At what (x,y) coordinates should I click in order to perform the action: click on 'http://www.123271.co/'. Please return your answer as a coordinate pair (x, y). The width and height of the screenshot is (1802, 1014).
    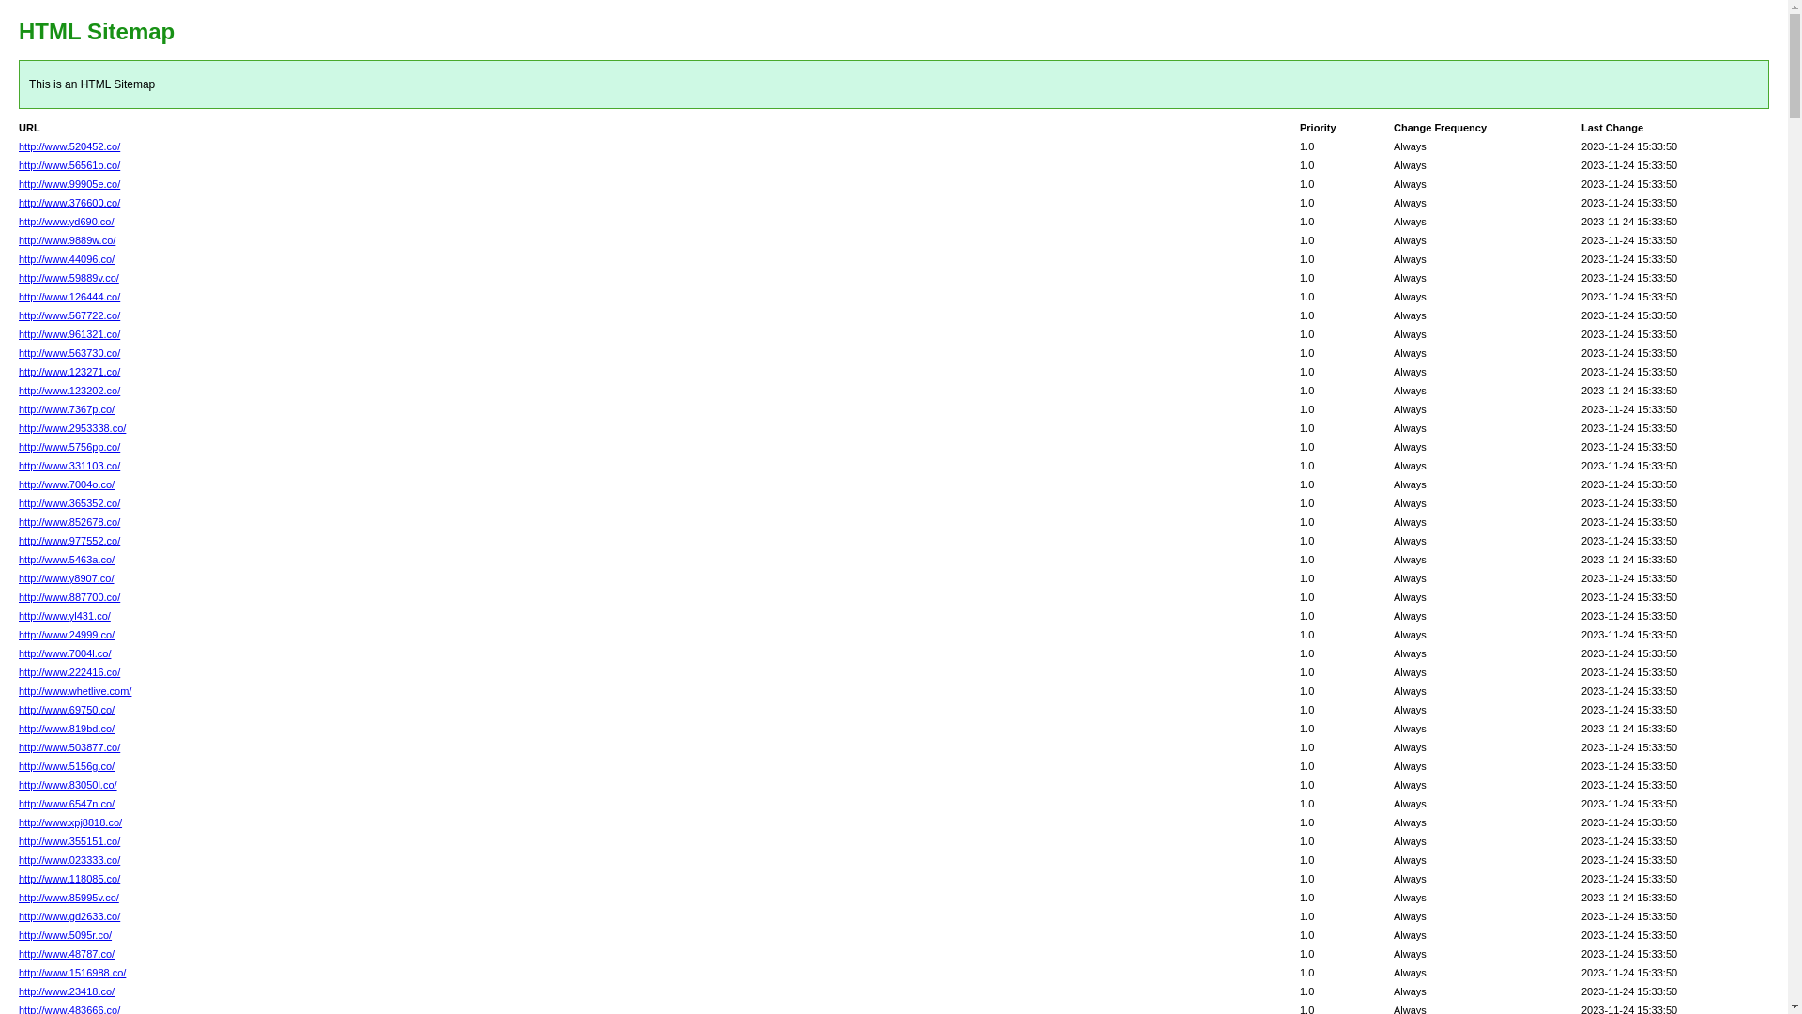
    Looking at the image, I should click on (69, 372).